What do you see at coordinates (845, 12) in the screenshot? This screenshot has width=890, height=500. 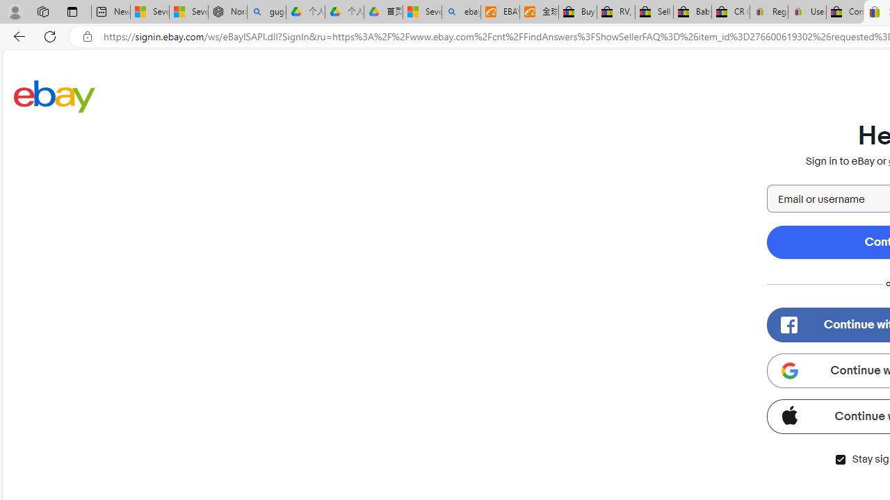 I see `'Consumer Health Data Privacy Policy - eBay Inc.'` at bounding box center [845, 12].